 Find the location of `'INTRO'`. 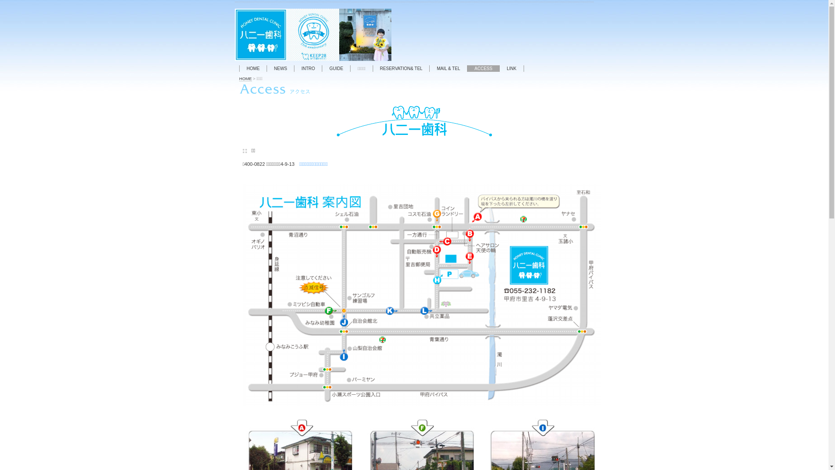

'INTRO' is located at coordinates (308, 68).